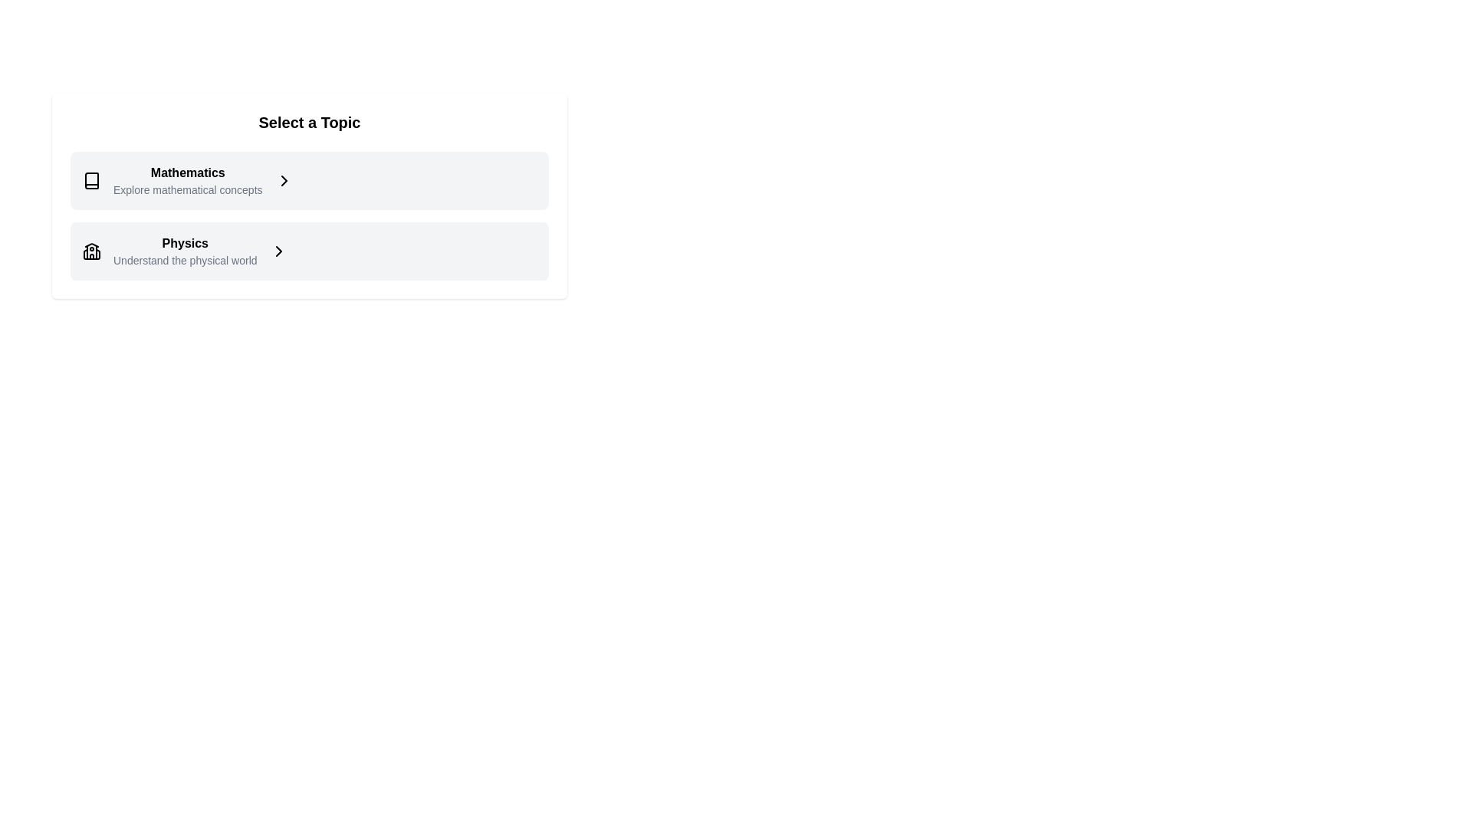  Describe the element at coordinates (91, 179) in the screenshot. I see `the book icon located in the first list item labeled 'Mathematics' with the subtitle 'Explore mathematical concepts', positioned to the far left and adjacent to the text content` at that location.